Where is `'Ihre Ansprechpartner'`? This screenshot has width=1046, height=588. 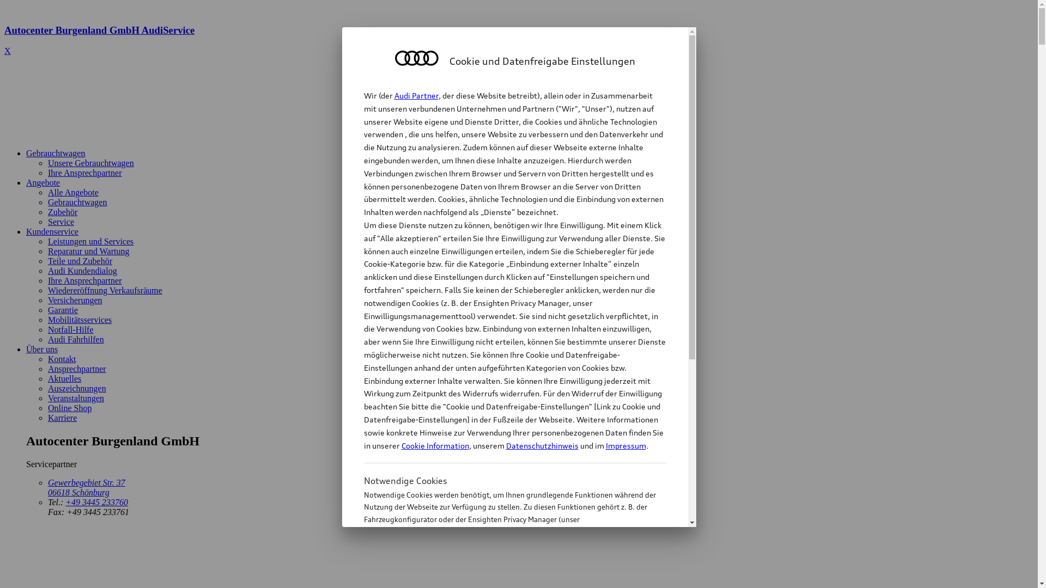 'Ihre Ansprechpartner' is located at coordinates (47, 280).